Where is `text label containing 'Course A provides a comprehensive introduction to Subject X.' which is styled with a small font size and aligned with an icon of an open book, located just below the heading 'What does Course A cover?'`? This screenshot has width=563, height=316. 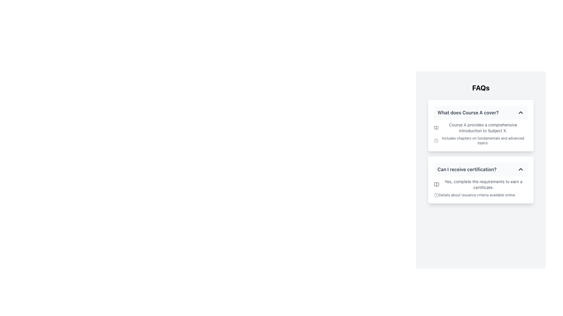
text label containing 'Course A provides a comprehensive introduction to Subject X.' which is styled with a small font size and aligned with an icon of an open book, located just below the heading 'What does Course A cover?' is located at coordinates (481, 127).